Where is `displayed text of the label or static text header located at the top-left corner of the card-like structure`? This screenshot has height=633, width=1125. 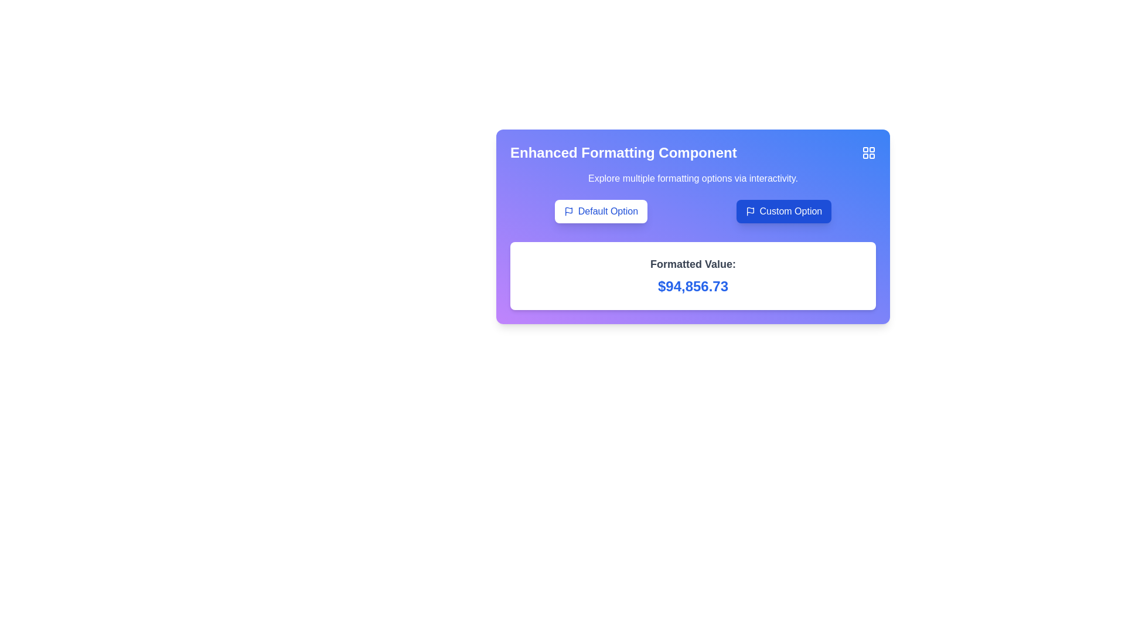
displayed text of the label or static text header located at the top-left corner of the card-like structure is located at coordinates (623, 152).